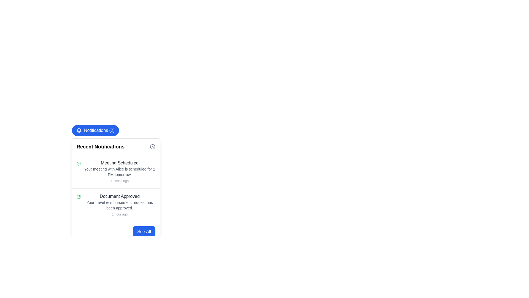 The width and height of the screenshot is (529, 298). I want to click on the text label that serves as a title for the notification about document approval, located in the second notification row of the 'Recent Notifications' panel, directly below the 'Meeting Scheduled' notification, so click(119, 196).